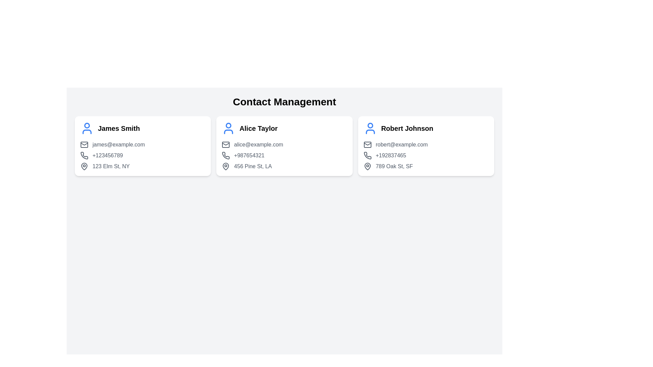 This screenshot has width=653, height=367. What do you see at coordinates (86, 125) in the screenshot?
I see `the circular SVG element representing the head portion of the user avatar, located at the top of the user icon on the leftmost position in the row of user cards` at bounding box center [86, 125].